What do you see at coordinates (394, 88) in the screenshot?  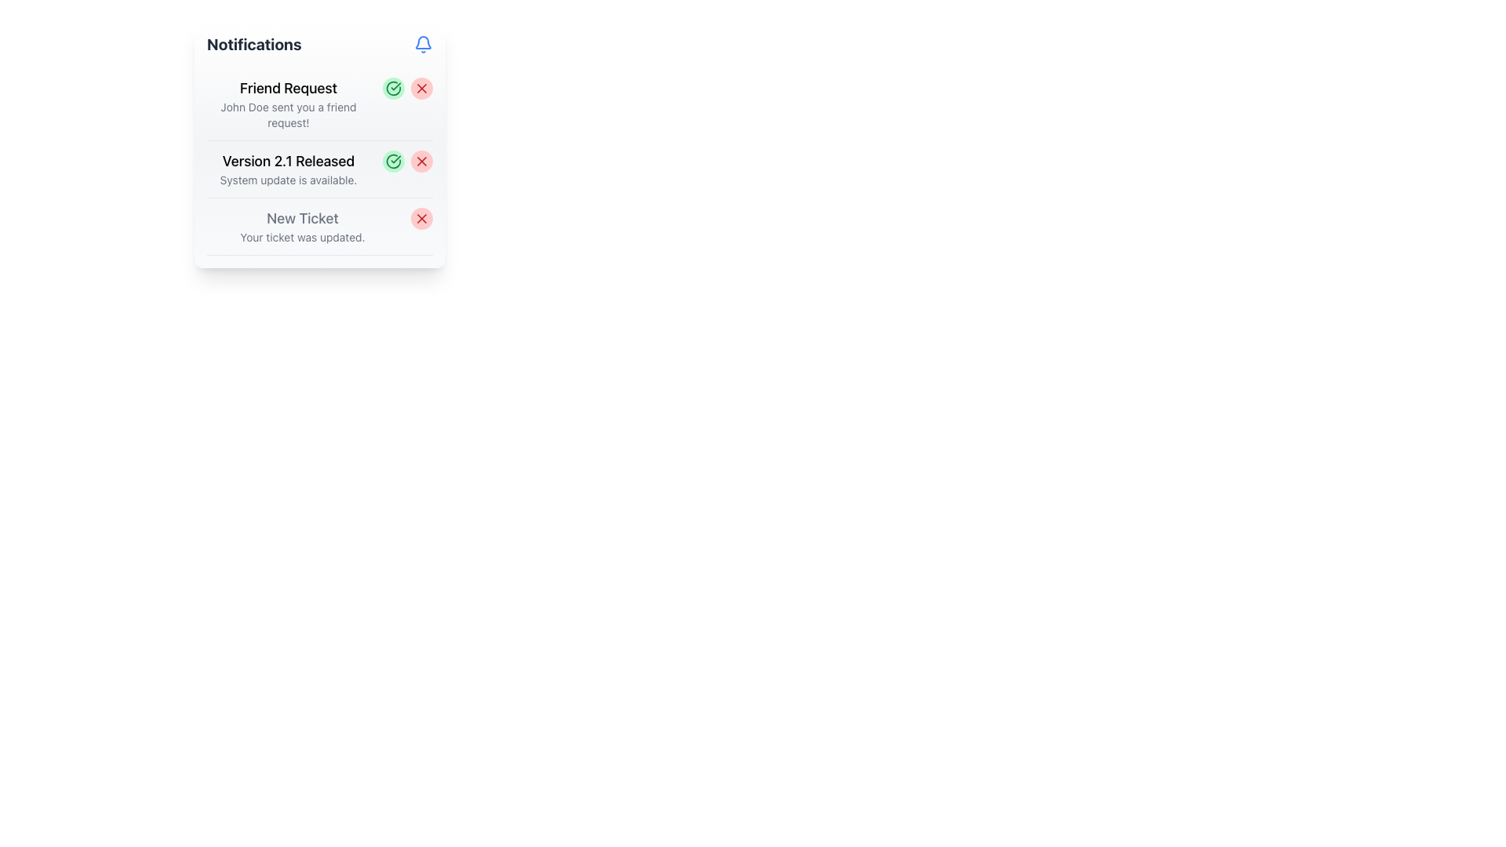 I see `the circular green outlined icon with a checkmark symbol located next to the notification titled 'Version 2.1 Released' in the notification panel` at bounding box center [394, 88].